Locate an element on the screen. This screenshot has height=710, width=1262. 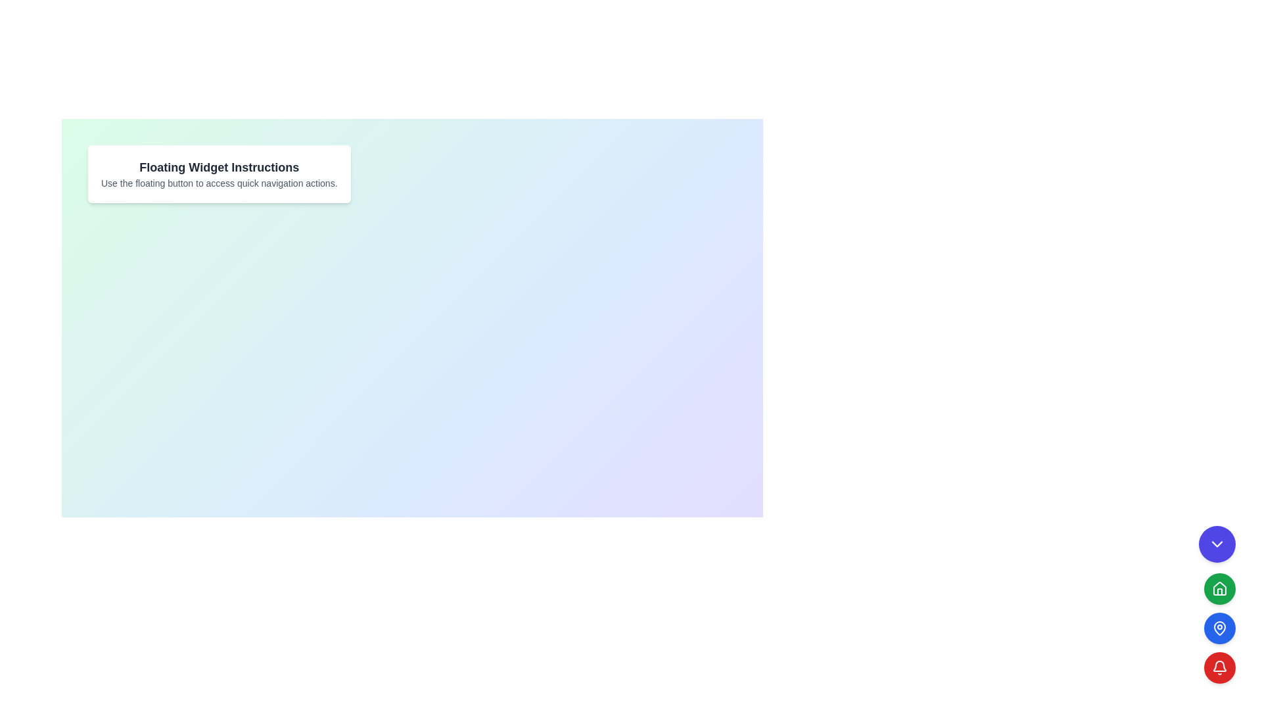
the bell icon button, which is the fourth and bottommost button in a vertical alignment of four buttons on the right-hand side of the interface is located at coordinates (1219, 666).